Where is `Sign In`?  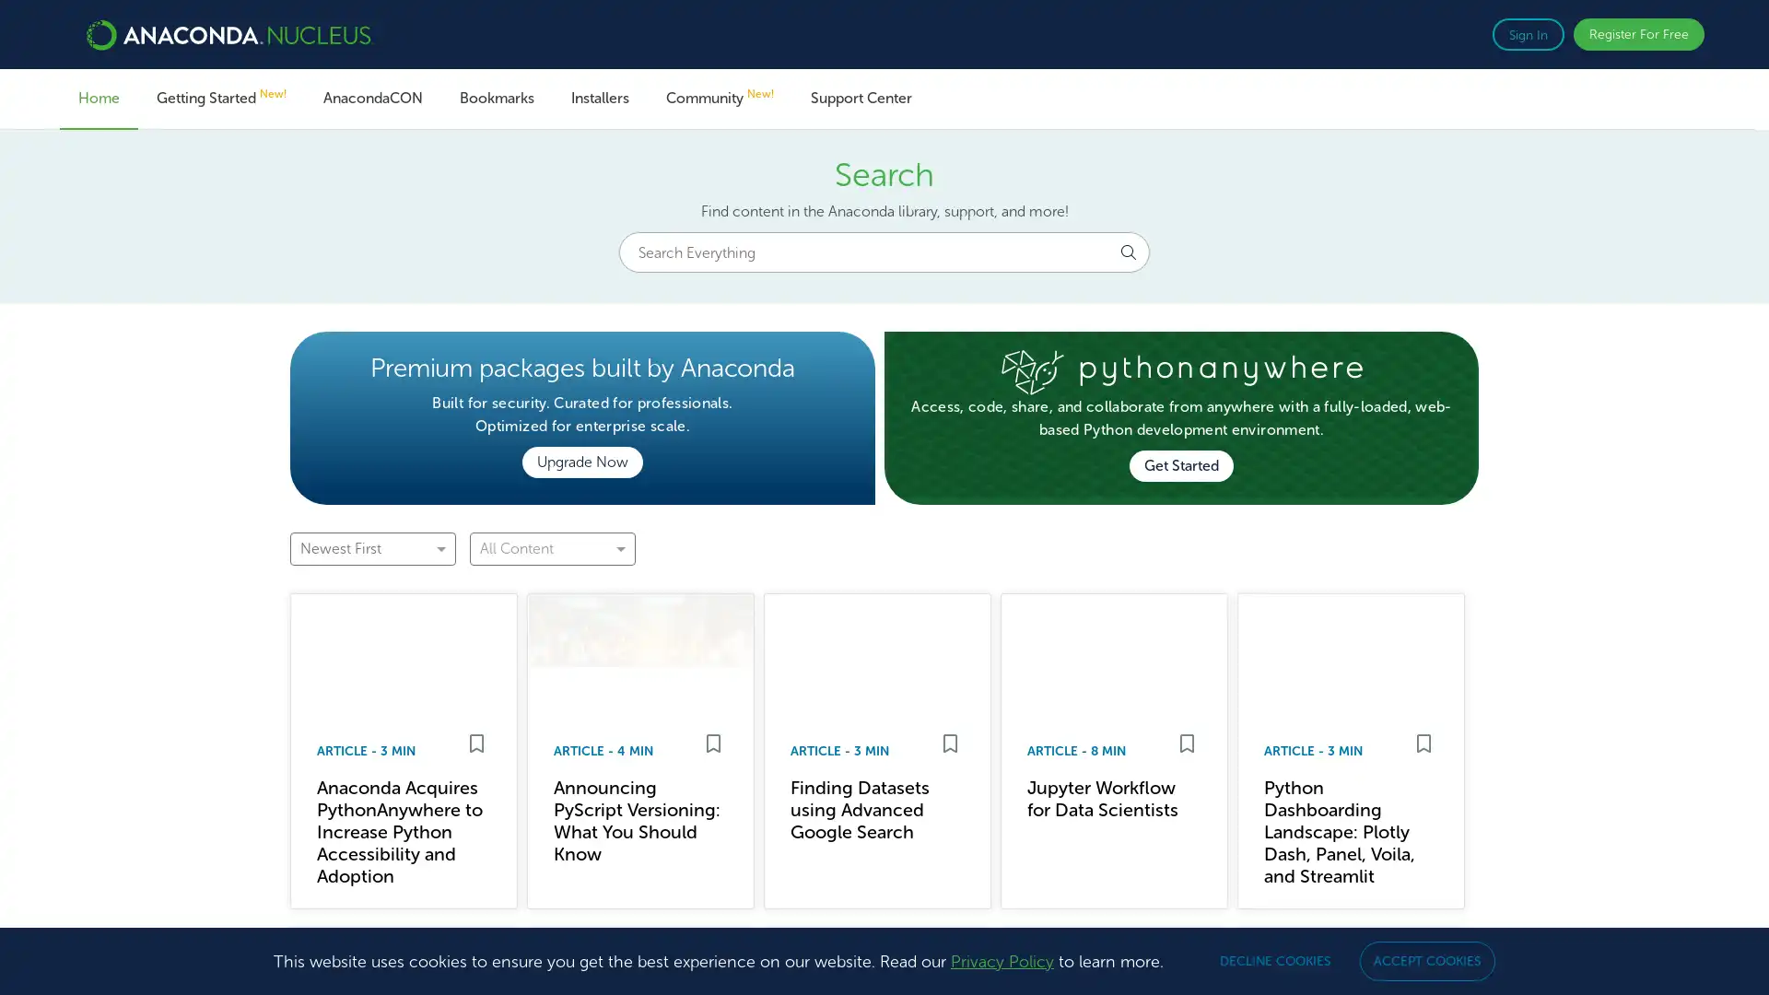
Sign In is located at coordinates (1529, 34).